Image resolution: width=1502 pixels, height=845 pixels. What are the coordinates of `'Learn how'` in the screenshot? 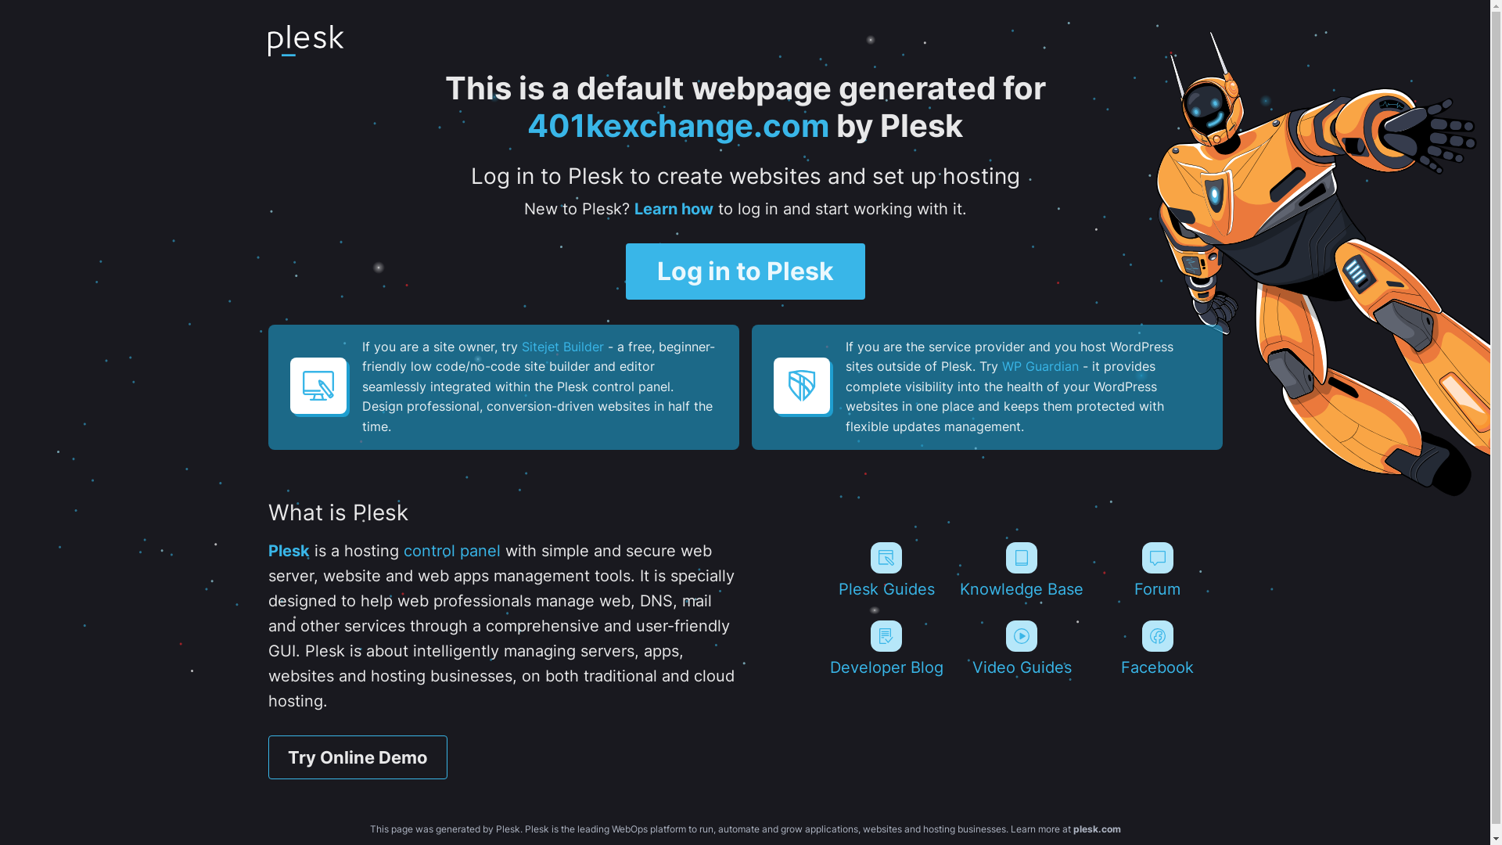 It's located at (673, 207).